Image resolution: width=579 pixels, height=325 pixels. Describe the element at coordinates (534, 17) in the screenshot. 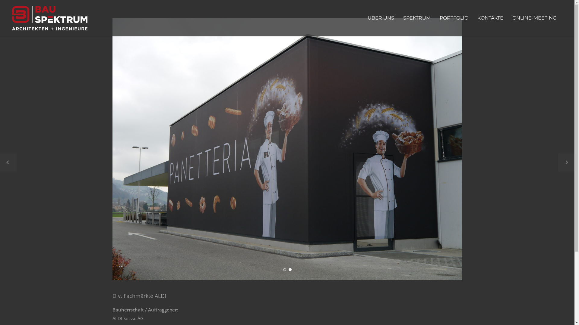

I see `'ONLINE-MEETING'` at that location.